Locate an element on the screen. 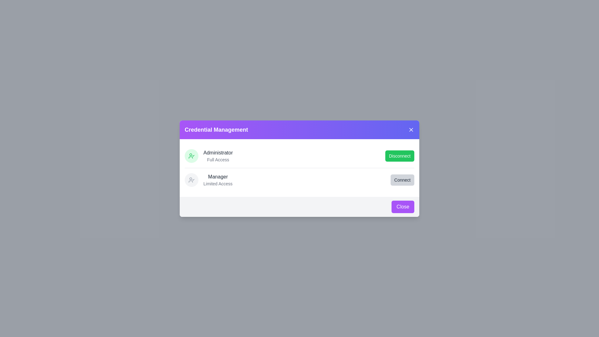  the green rectangular button labeled 'Disconnect' with rounded corners, positioned to the right of the 'Administrator' row and 'Full Access' text is located at coordinates (400, 155).